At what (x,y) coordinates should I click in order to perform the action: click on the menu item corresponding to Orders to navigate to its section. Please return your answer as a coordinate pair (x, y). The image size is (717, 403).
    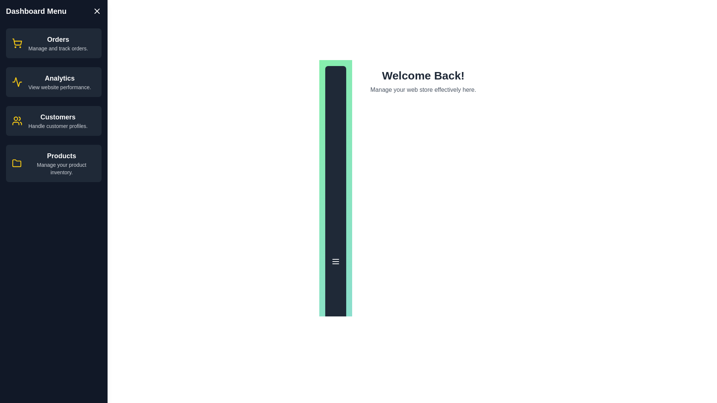
    Looking at the image, I should click on (53, 43).